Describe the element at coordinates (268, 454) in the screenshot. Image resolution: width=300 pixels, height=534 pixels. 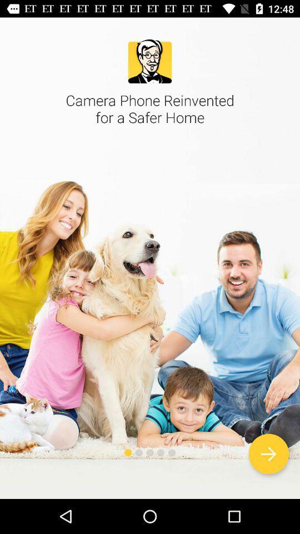
I see `the arrow_forward icon` at that location.